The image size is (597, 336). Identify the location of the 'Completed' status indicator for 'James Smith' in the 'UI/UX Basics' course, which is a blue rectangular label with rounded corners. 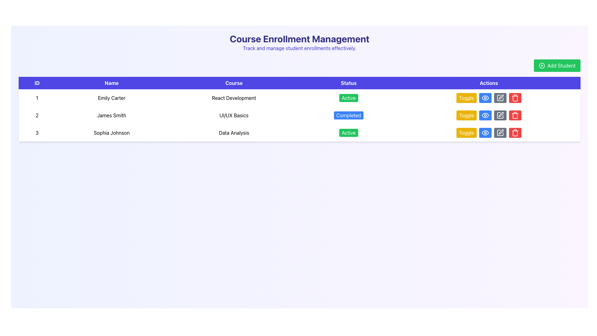
(349, 115).